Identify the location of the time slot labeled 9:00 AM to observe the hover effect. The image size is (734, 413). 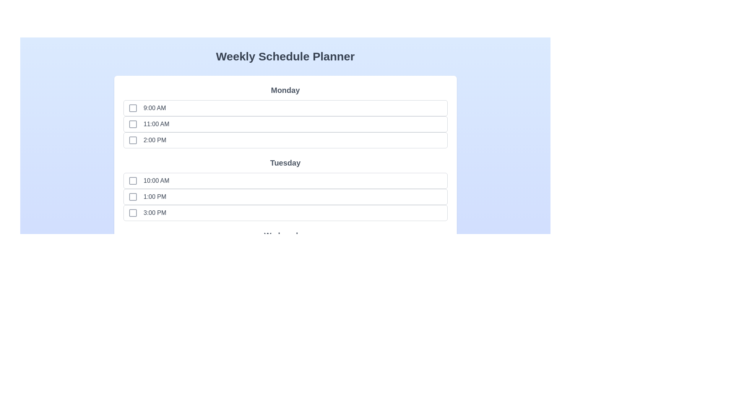
(143, 108).